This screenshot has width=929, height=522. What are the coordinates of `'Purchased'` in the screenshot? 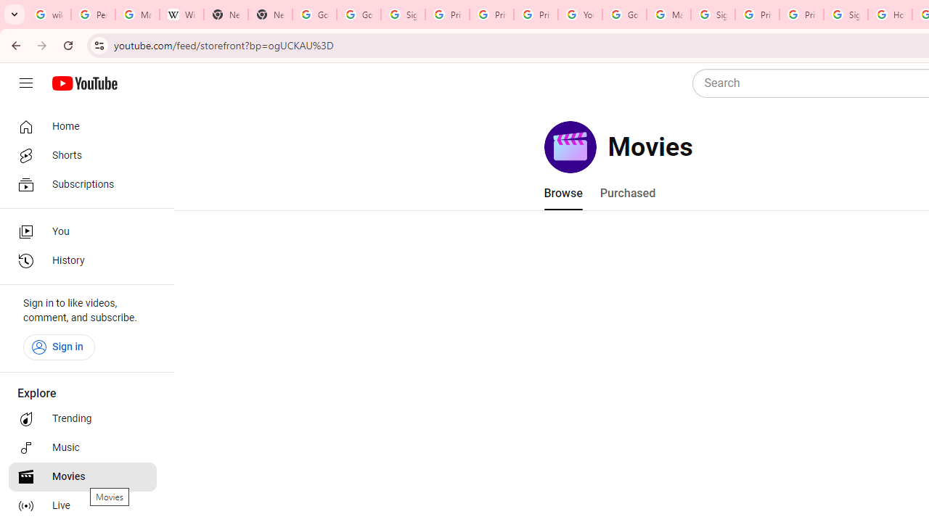 It's located at (627, 193).